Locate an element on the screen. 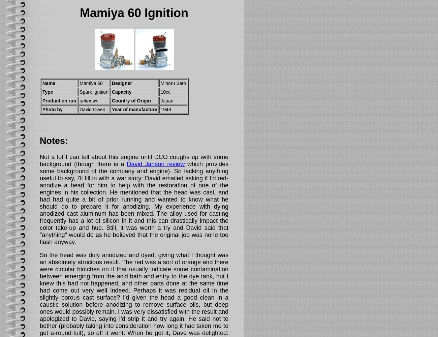 Image resolution: width=438 pixels, height=337 pixels. 'Country of Origin' is located at coordinates (131, 101).